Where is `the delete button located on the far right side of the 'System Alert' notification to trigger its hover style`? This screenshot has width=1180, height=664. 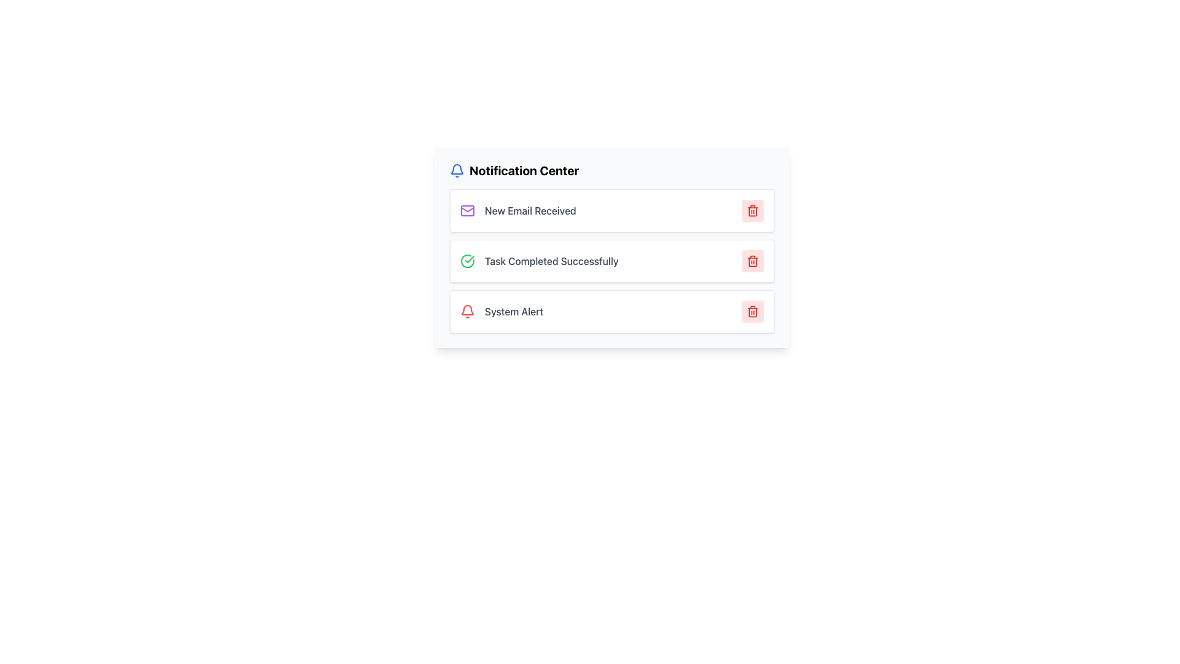
the delete button located on the far right side of the 'System Alert' notification to trigger its hover style is located at coordinates (752, 310).